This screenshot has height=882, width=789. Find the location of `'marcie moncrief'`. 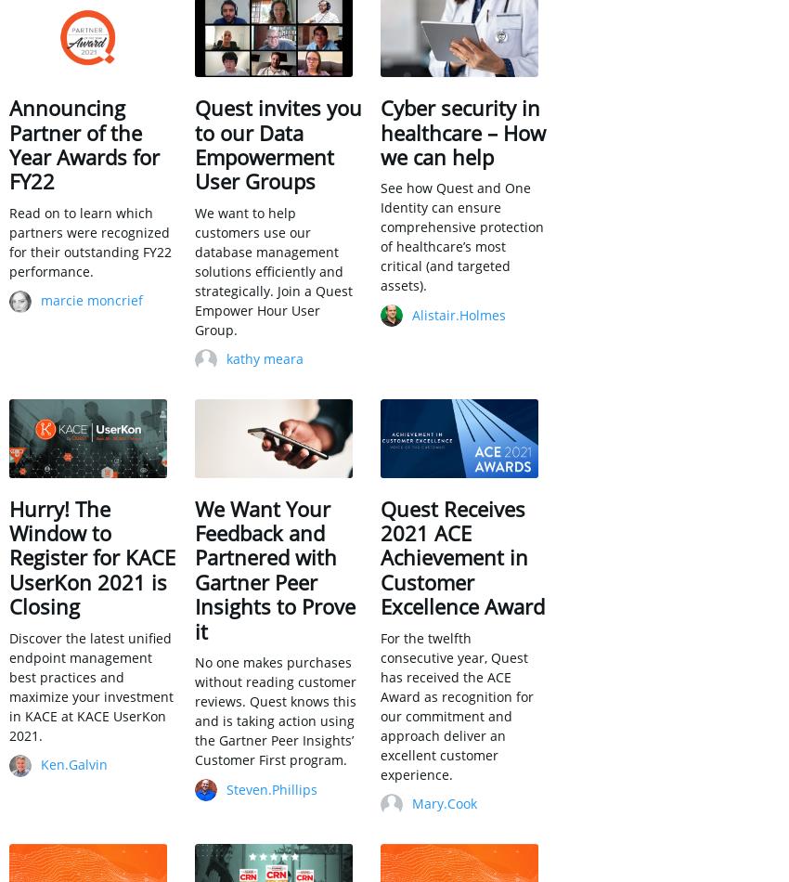

'marcie moncrief' is located at coordinates (41, 299).